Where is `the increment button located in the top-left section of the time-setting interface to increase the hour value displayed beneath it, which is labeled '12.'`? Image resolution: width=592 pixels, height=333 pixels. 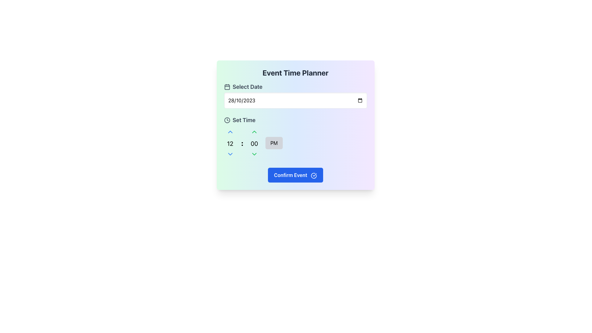 the increment button located in the top-left section of the time-setting interface to increase the hour value displayed beneath it, which is labeled '12.' is located at coordinates (230, 132).